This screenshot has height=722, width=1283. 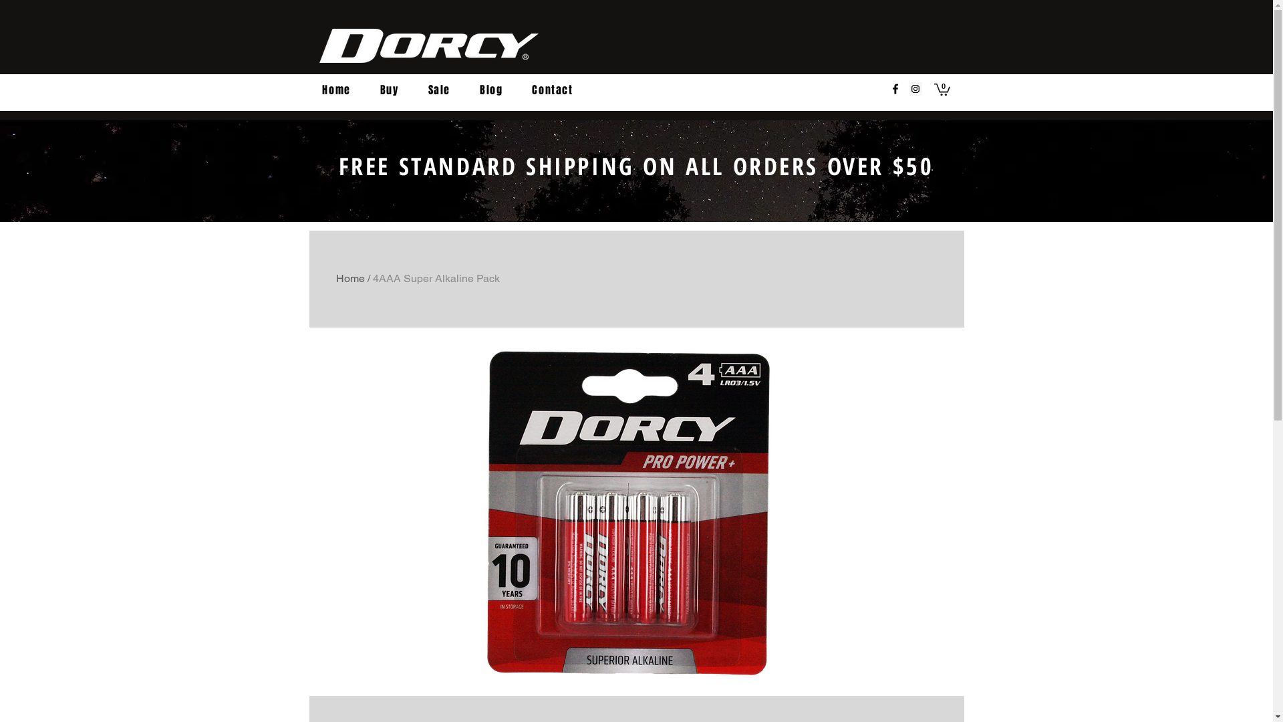 I want to click on 'Blog', so click(x=490, y=90).